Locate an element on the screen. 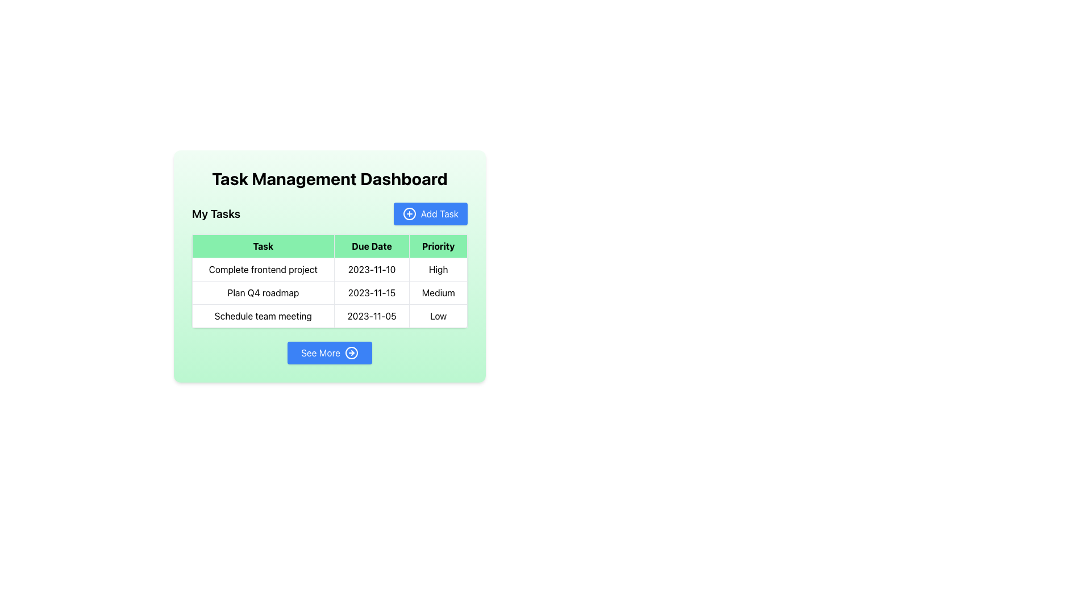  the circular graphic representation with a white arrow pointing to the right located at the bottom center of the task management dashboard for navigation is located at coordinates (351, 352).